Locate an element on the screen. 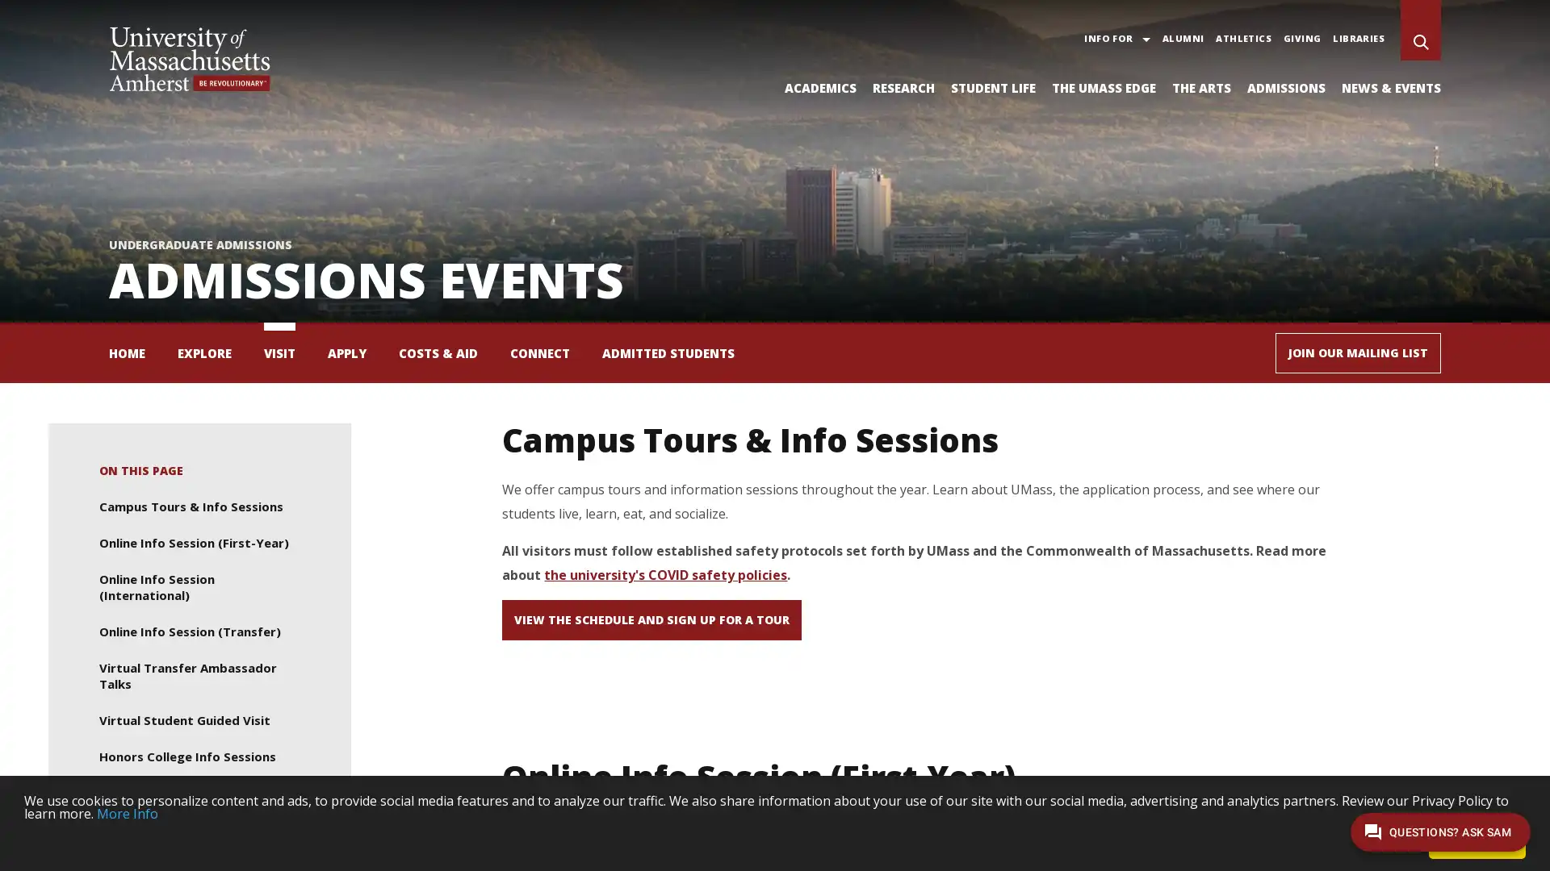 This screenshot has height=871, width=1550. Questions? Ask Sam is located at coordinates (1440, 831).